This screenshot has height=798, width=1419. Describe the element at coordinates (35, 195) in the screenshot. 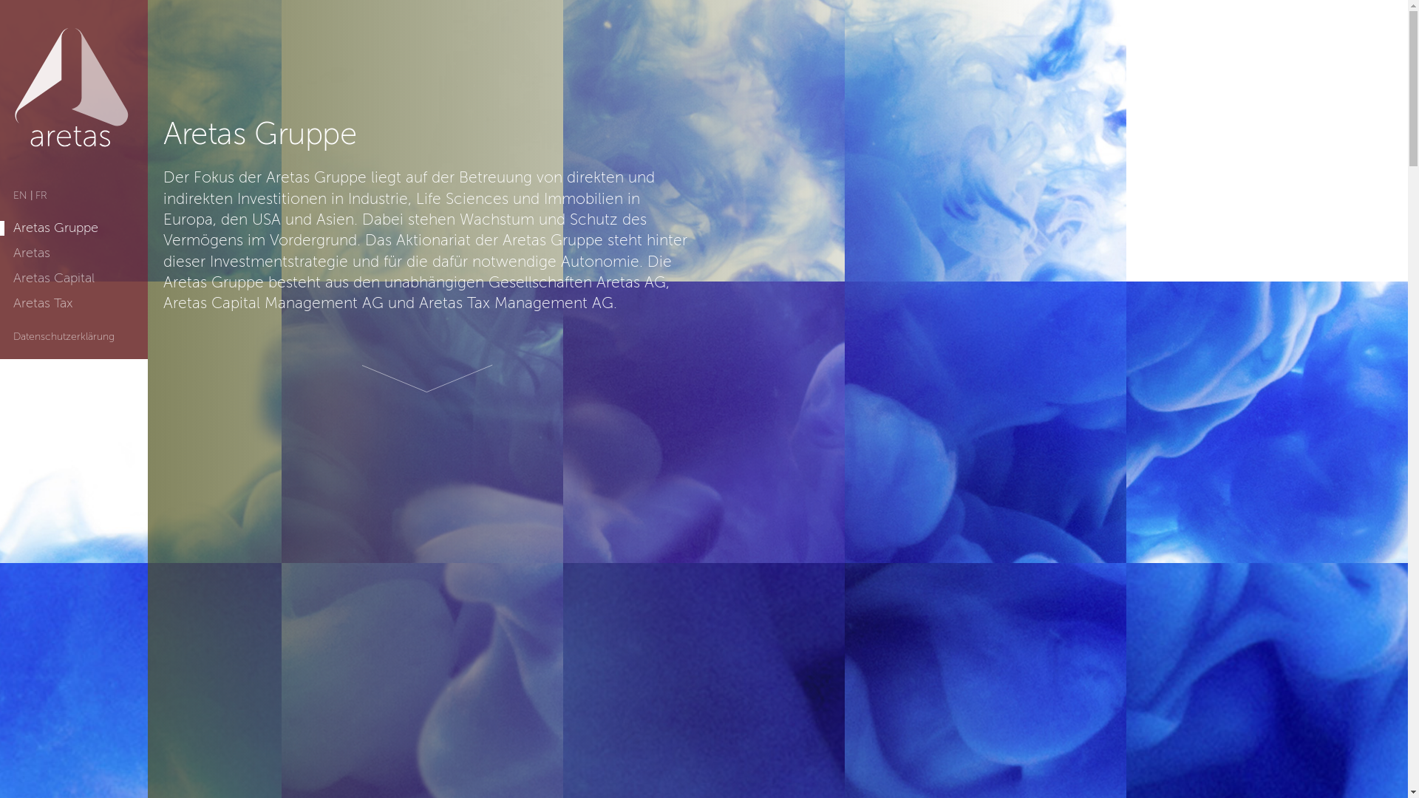

I see `'FR'` at that location.